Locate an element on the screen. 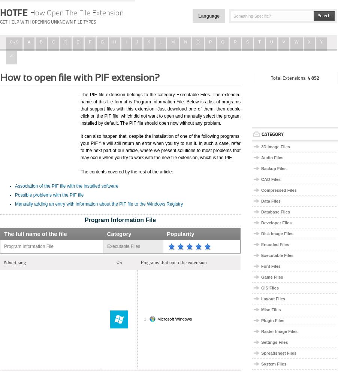 The width and height of the screenshot is (338, 373). 'K' is located at coordinates (148, 42).